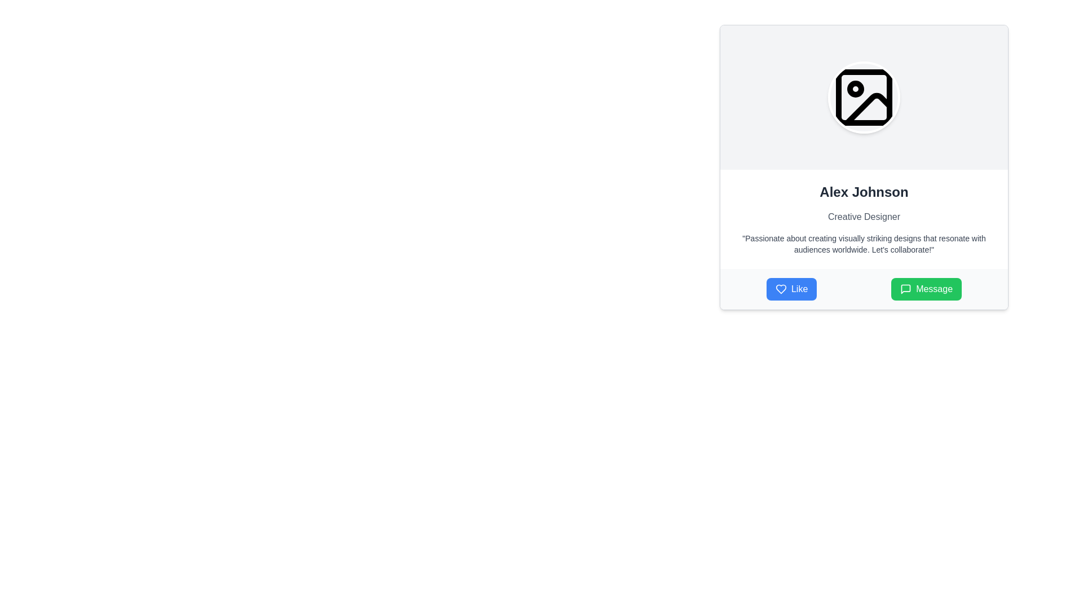 Image resolution: width=1083 pixels, height=609 pixels. Describe the element at coordinates (780, 289) in the screenshot. I see `the heart-shaped icon within the 'Like' button` at that location.